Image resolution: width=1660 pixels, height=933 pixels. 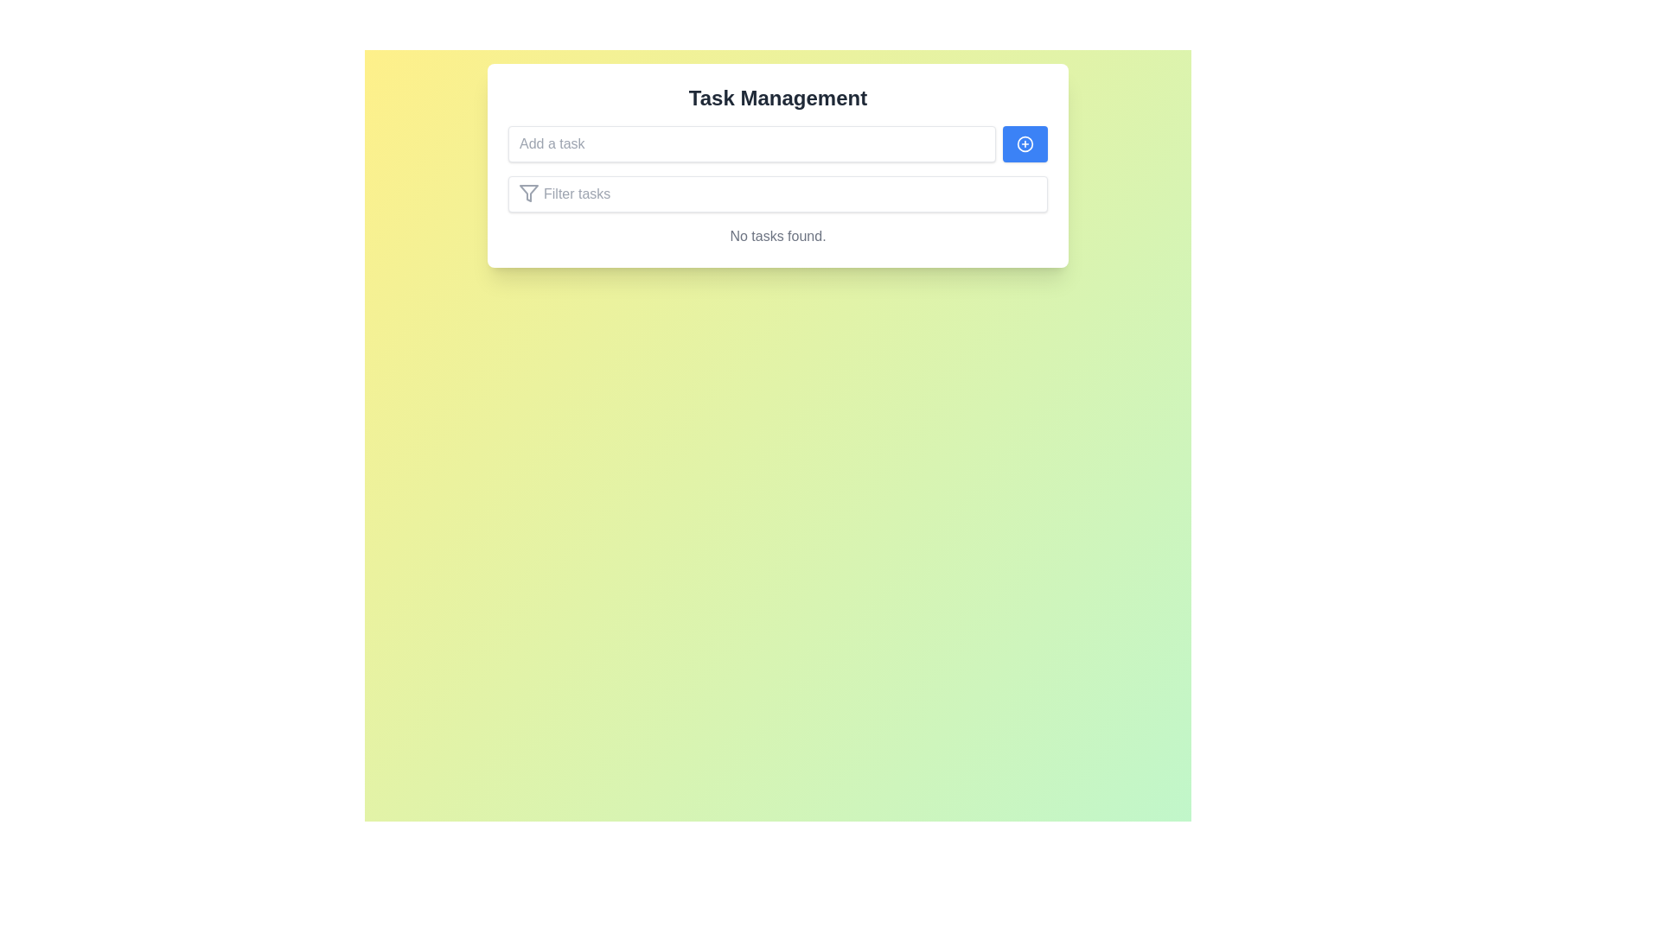 What do you see at coordinates (777, 236) in the screenshot?
I see `the static text component that displays the message 'No tasks found.' located in the 'Task Management' section, below the filter tasks field` at bounding box center [777, 236].